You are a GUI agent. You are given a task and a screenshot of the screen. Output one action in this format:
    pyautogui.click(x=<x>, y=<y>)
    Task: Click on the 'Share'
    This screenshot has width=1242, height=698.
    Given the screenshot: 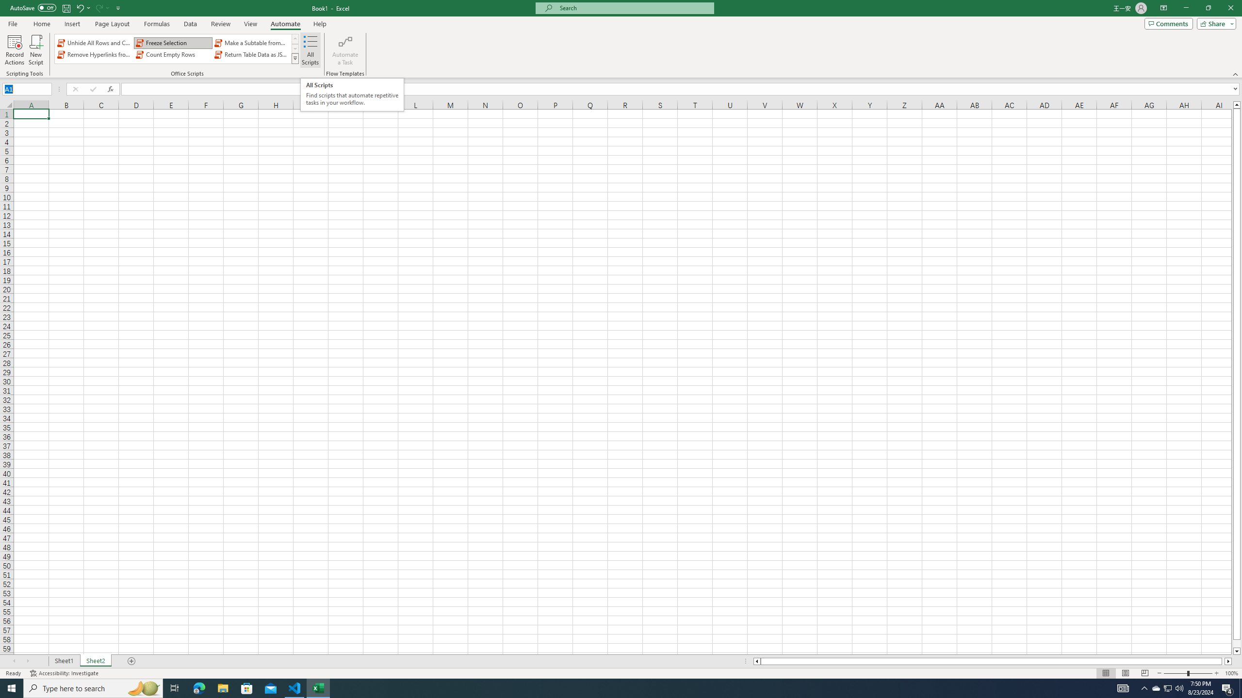 What is the action you would take?
    pyautogui.click(x=1214, y=23)
    